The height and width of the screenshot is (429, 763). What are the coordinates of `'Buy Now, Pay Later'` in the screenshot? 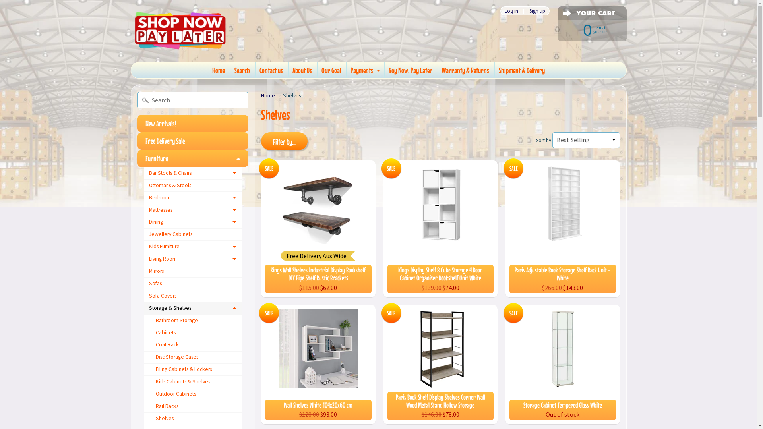 It's located at (410, 70).